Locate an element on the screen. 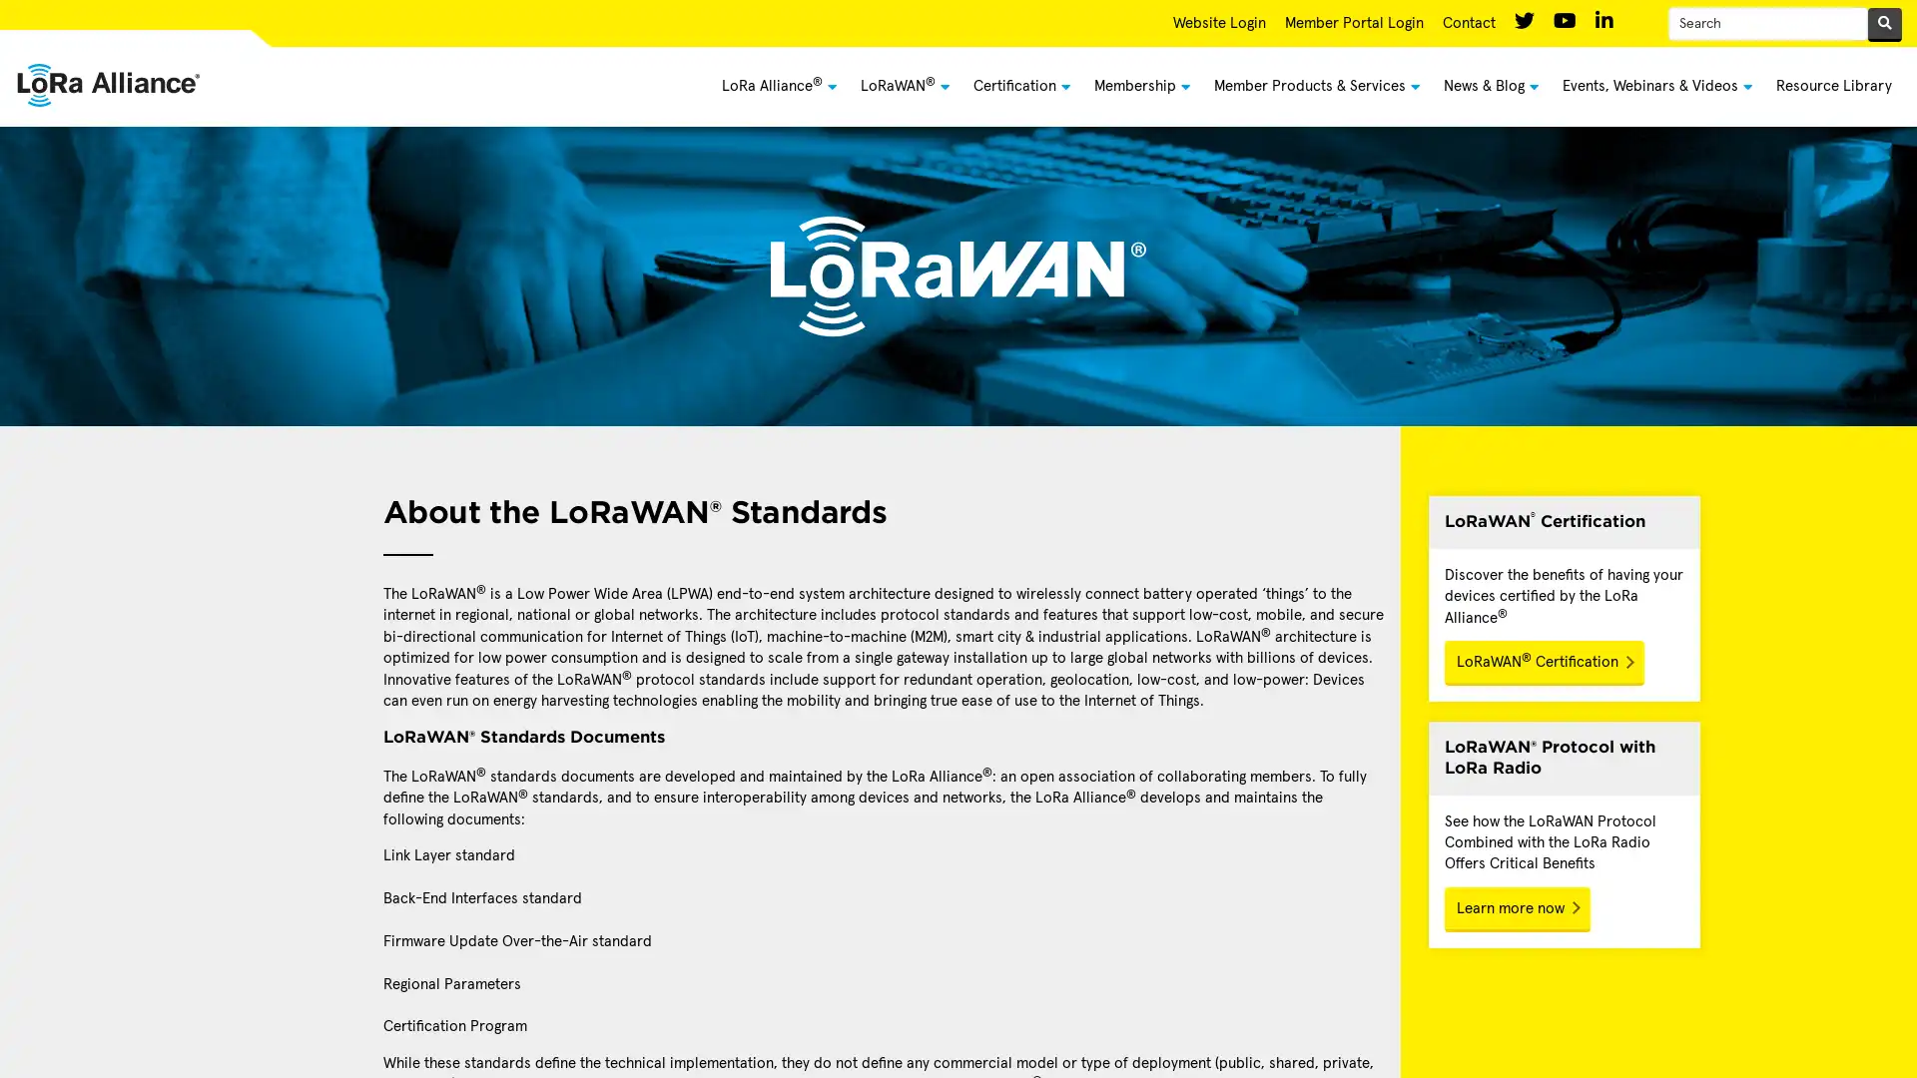  LoRaWAN Certification is located at coordinates (1542, 663).